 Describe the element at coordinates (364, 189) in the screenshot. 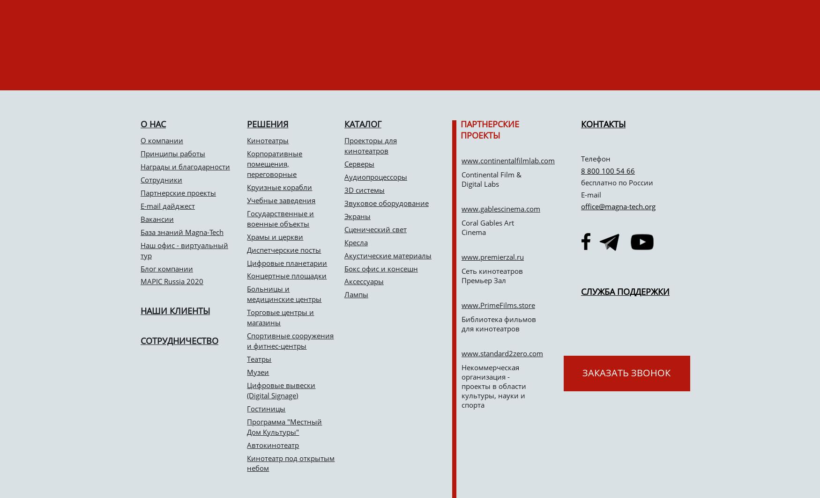

I see `'3D системы'` at that location.